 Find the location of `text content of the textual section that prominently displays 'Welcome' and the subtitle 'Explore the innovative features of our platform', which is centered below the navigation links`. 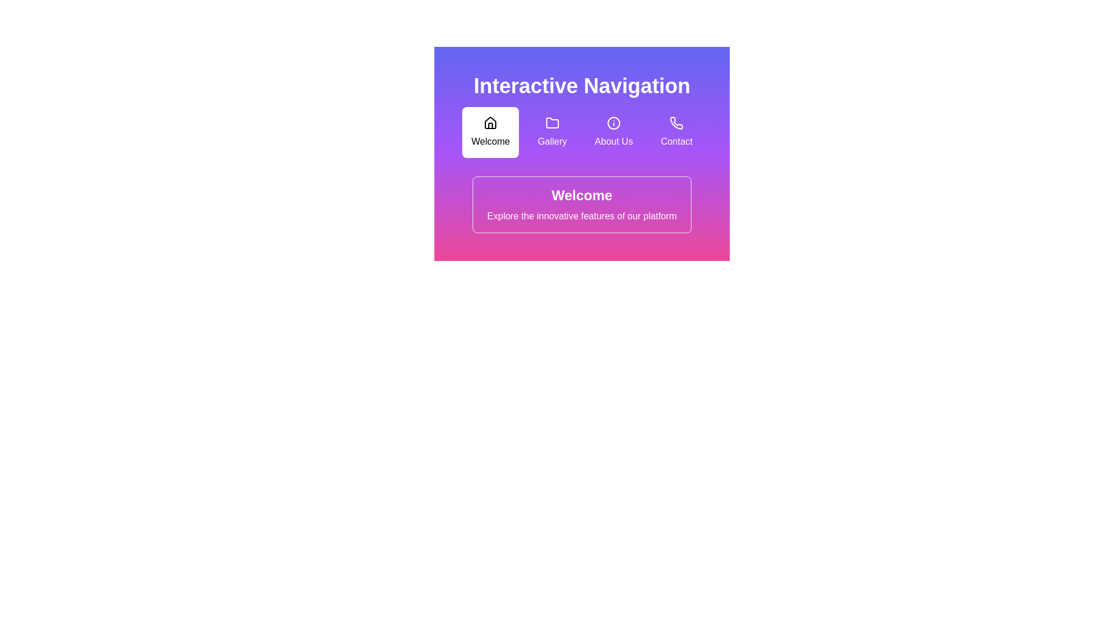

text content of the textual section that prominently displays 'Welcome' and the subtitle 'Explore the innovative features of our platform', which is centered below the navigation links is located at coordinates (581, 170).